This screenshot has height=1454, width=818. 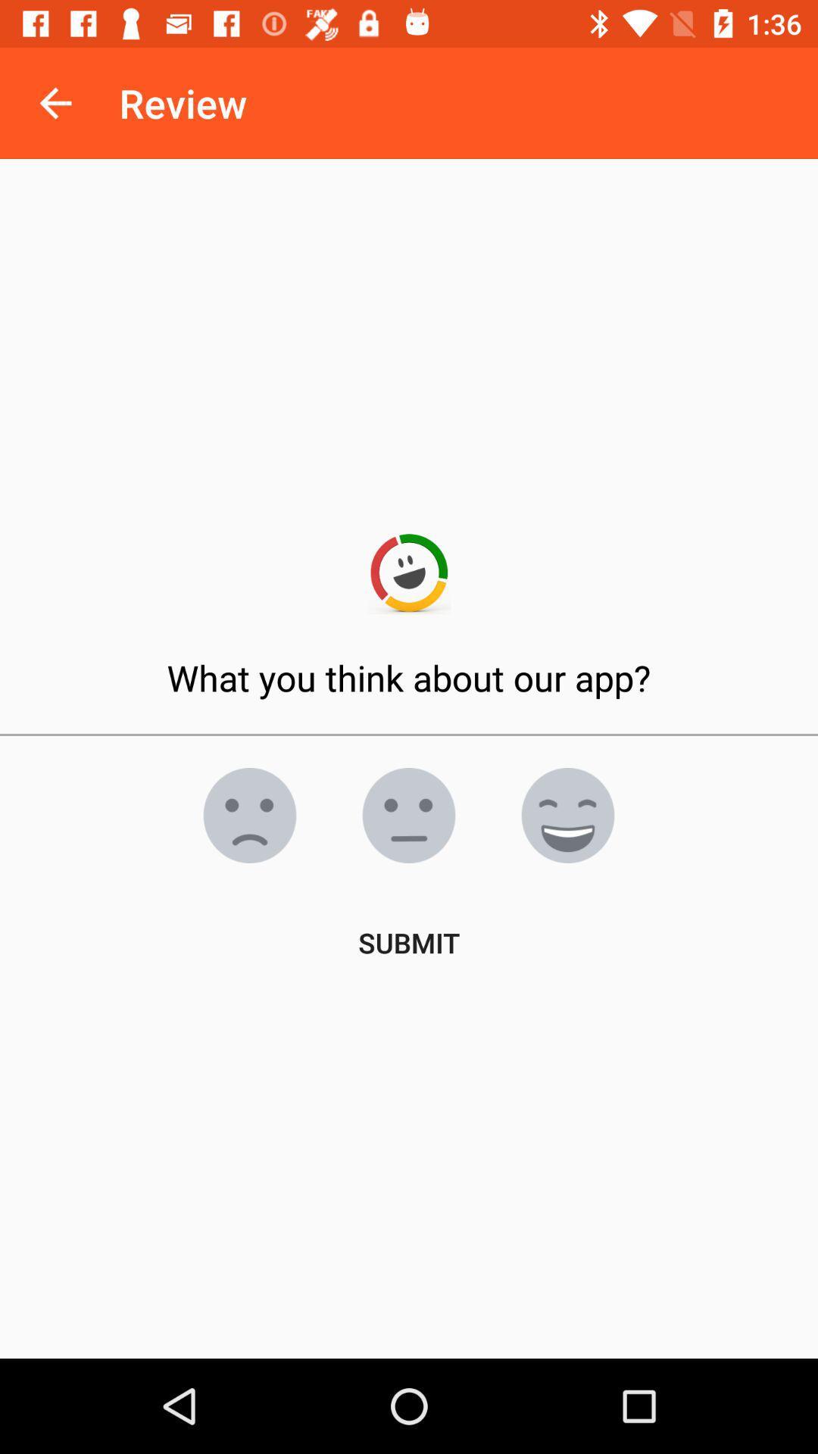 I want to click on the emoji icon, so click(x=567, y=814).